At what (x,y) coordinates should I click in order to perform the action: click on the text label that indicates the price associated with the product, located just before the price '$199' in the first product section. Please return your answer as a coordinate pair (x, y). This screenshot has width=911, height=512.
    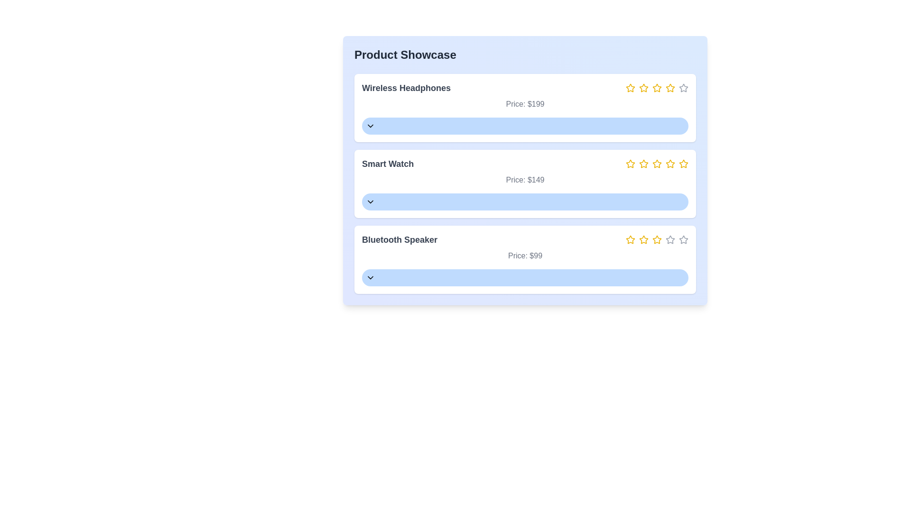
    Looking at the image, I should click on (515, 104).